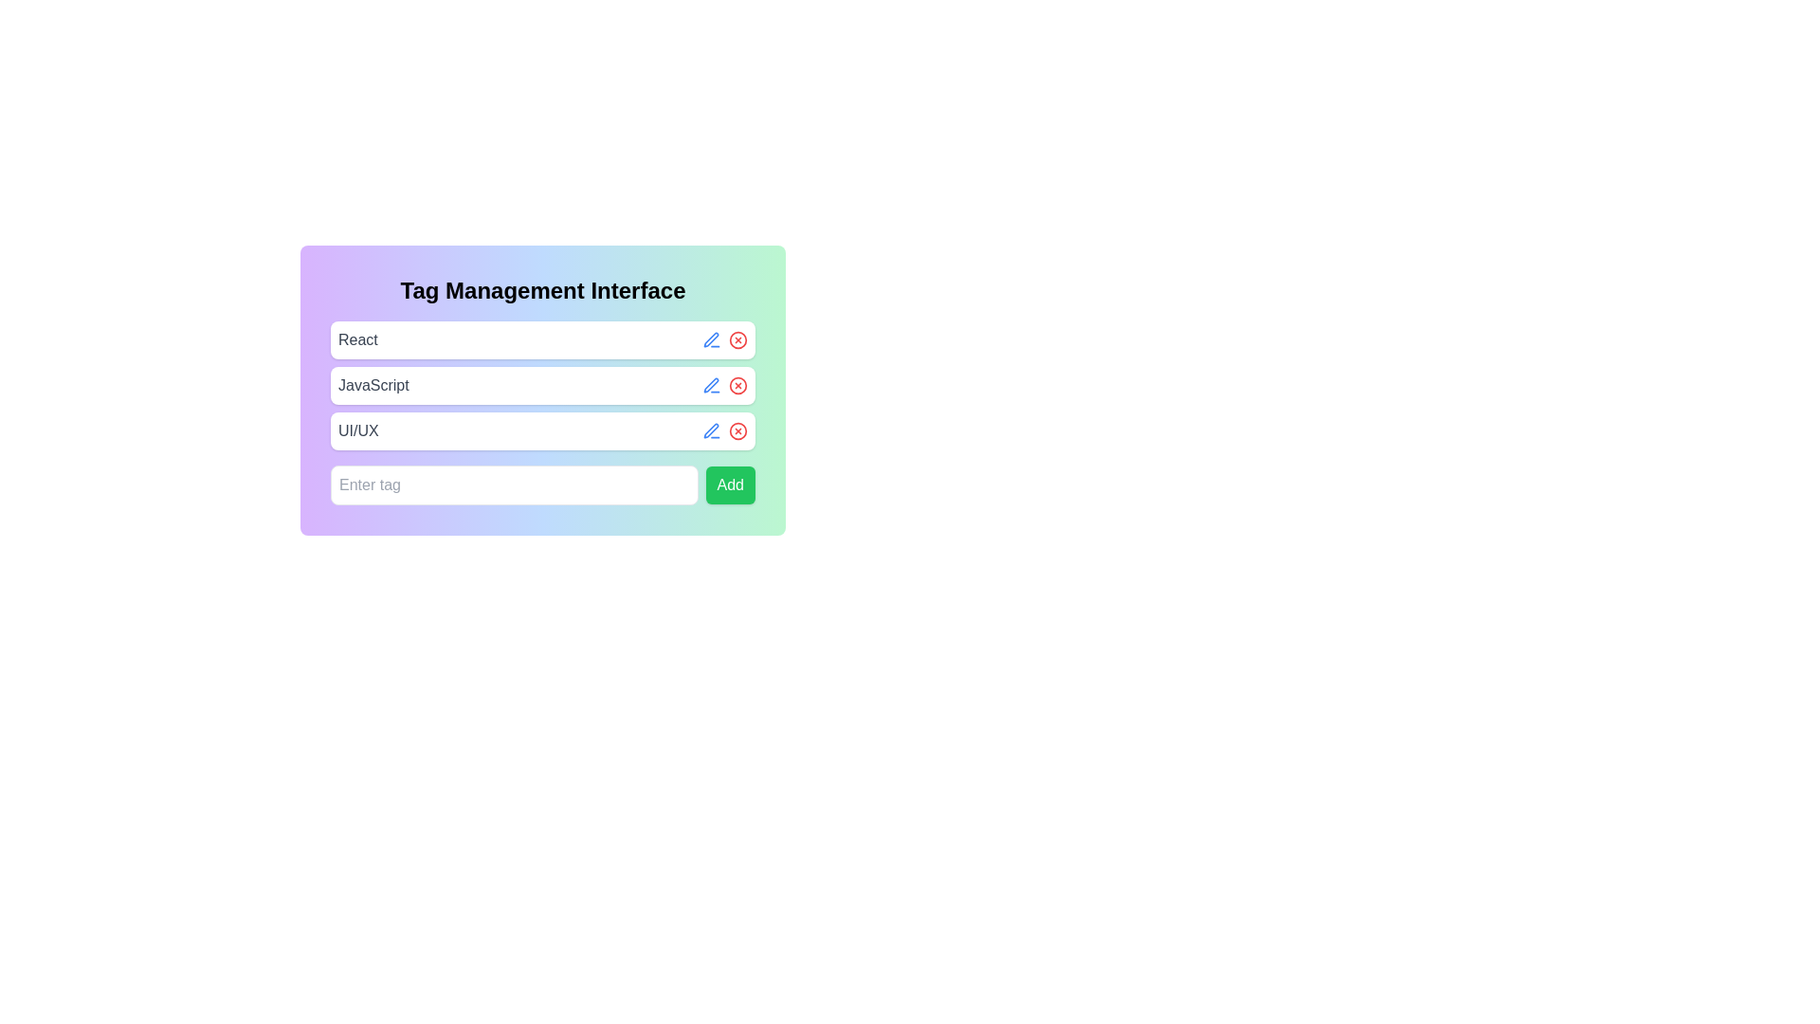  I want to click on the delete button located on the right side of the second row, allowing for keyboard interaction, so click(737, 385).